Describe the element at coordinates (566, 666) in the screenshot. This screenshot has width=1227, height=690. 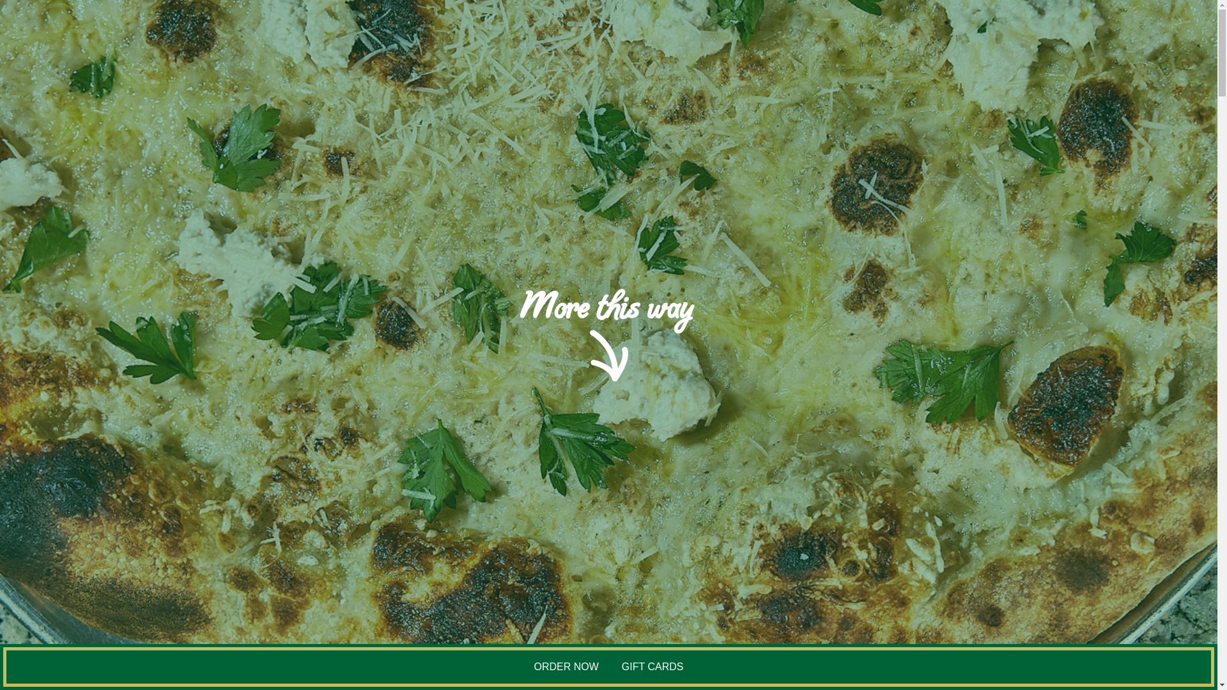
I see `'ORDER NOW'` at that location.